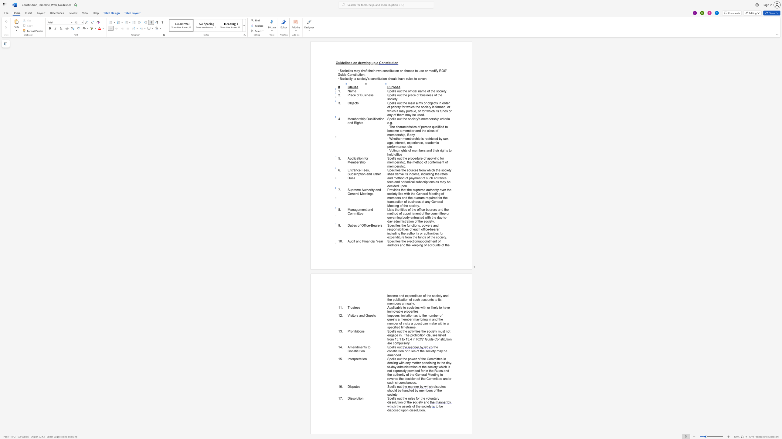 The width and height of the screenshot is (782, 439). Describe the element at coordinates (351, 315) in the screenshot. I see `the 1th character "s" in the text` at that location.